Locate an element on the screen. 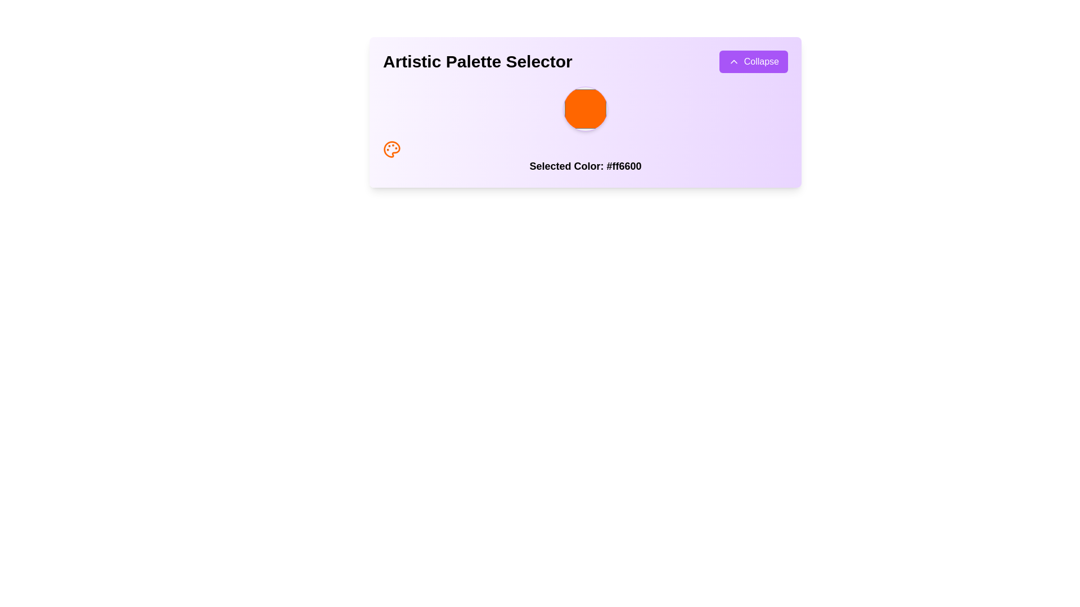 The height and width of the screenshot is (607, 1080). the text display that shows the currently selected color, which includes a decorative icon on its left and is located directly below an orange circular shape is located at coordinates (585, 157).